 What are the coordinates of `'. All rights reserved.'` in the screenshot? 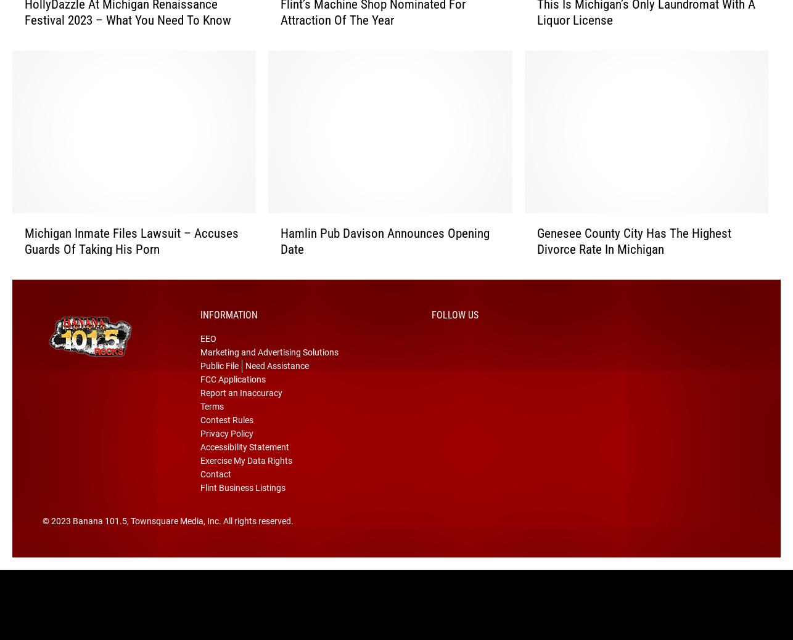 It's located at (255, 537).